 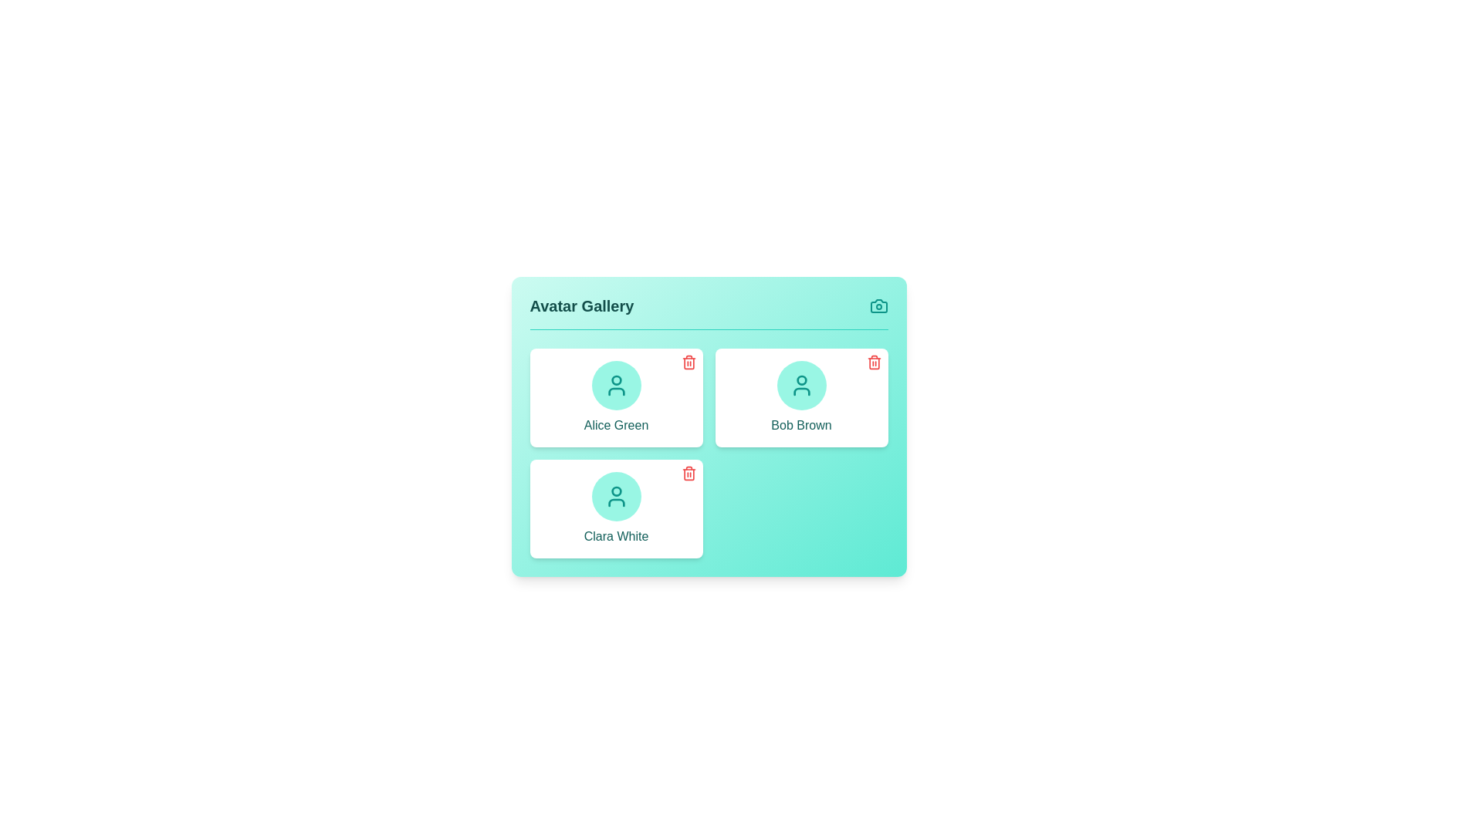 I want to click on the Text Label displaying the name 'Clara White' within the card component in the bottom-left section of the grid layout, so click(x=615, y=535).